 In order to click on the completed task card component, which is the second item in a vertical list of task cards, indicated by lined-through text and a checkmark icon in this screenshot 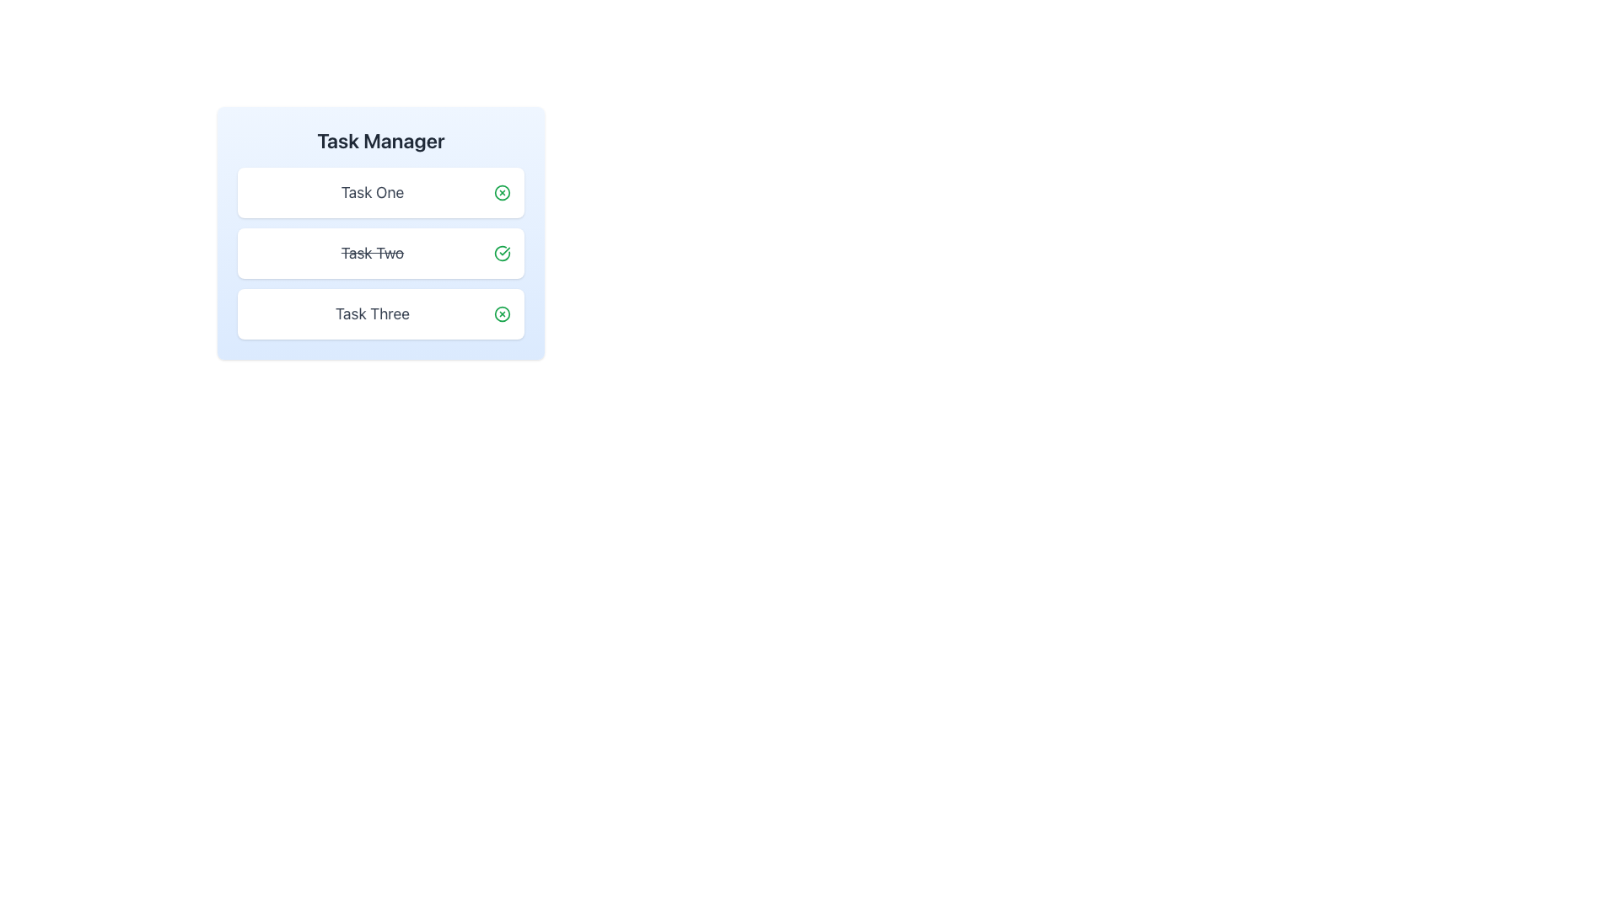, I will do `click(379, 253)`.